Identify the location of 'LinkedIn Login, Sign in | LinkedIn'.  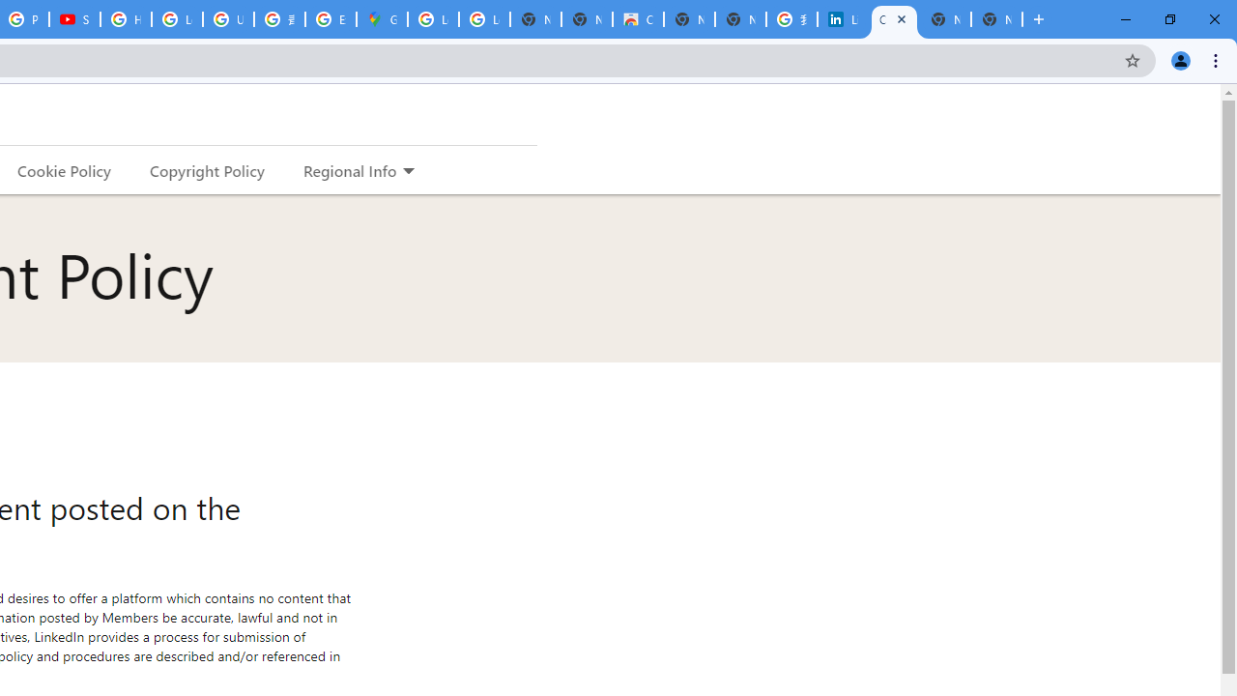
(843, 19).